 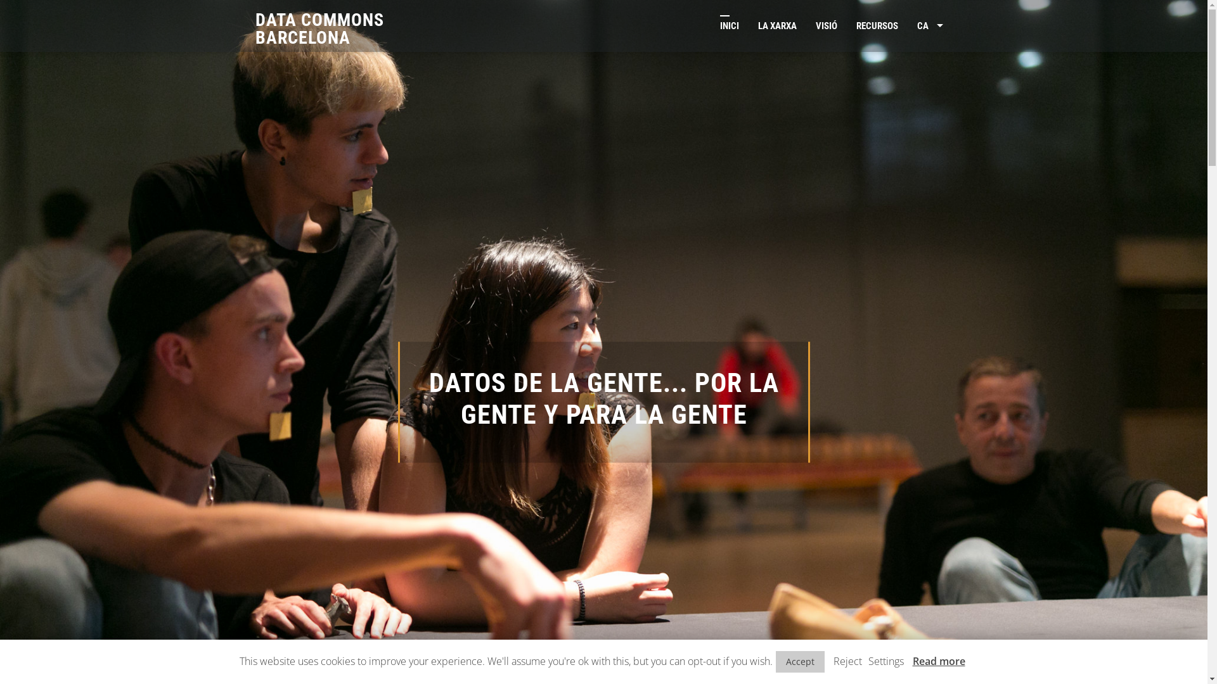 What do you see at coordinates (885, 661) in the screenshot?
I see `'Settings'` at bounding box center [885, 661].